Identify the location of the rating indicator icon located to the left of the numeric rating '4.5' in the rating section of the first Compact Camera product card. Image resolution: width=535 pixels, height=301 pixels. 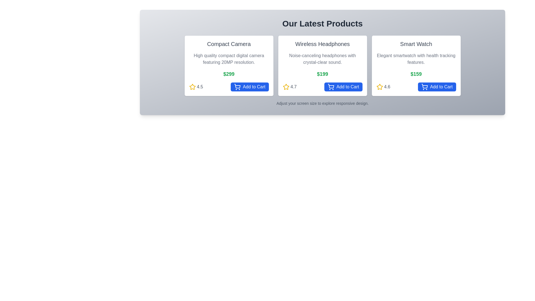
(192, 87).